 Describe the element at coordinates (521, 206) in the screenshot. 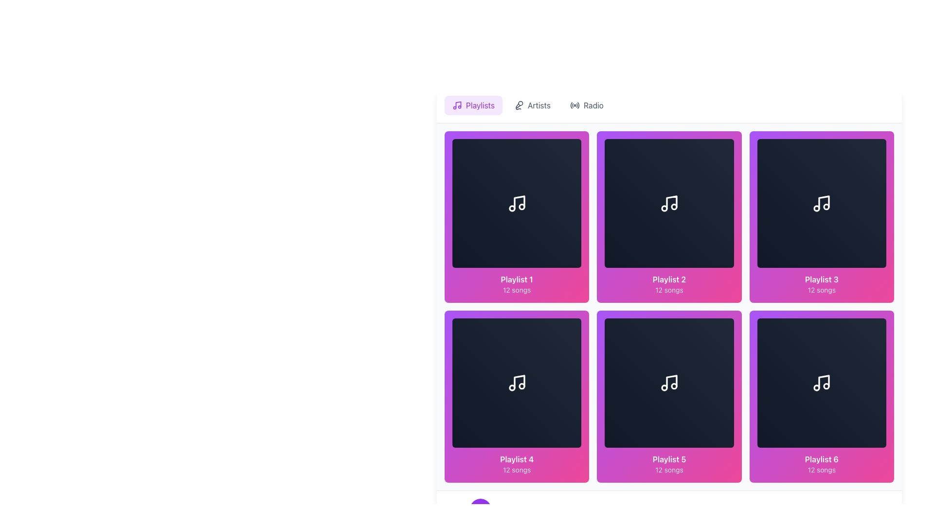

I see `the decorative detail of the music note icon located in the center area of the top-left playlist card titled 'Playlist 1'` at that location.